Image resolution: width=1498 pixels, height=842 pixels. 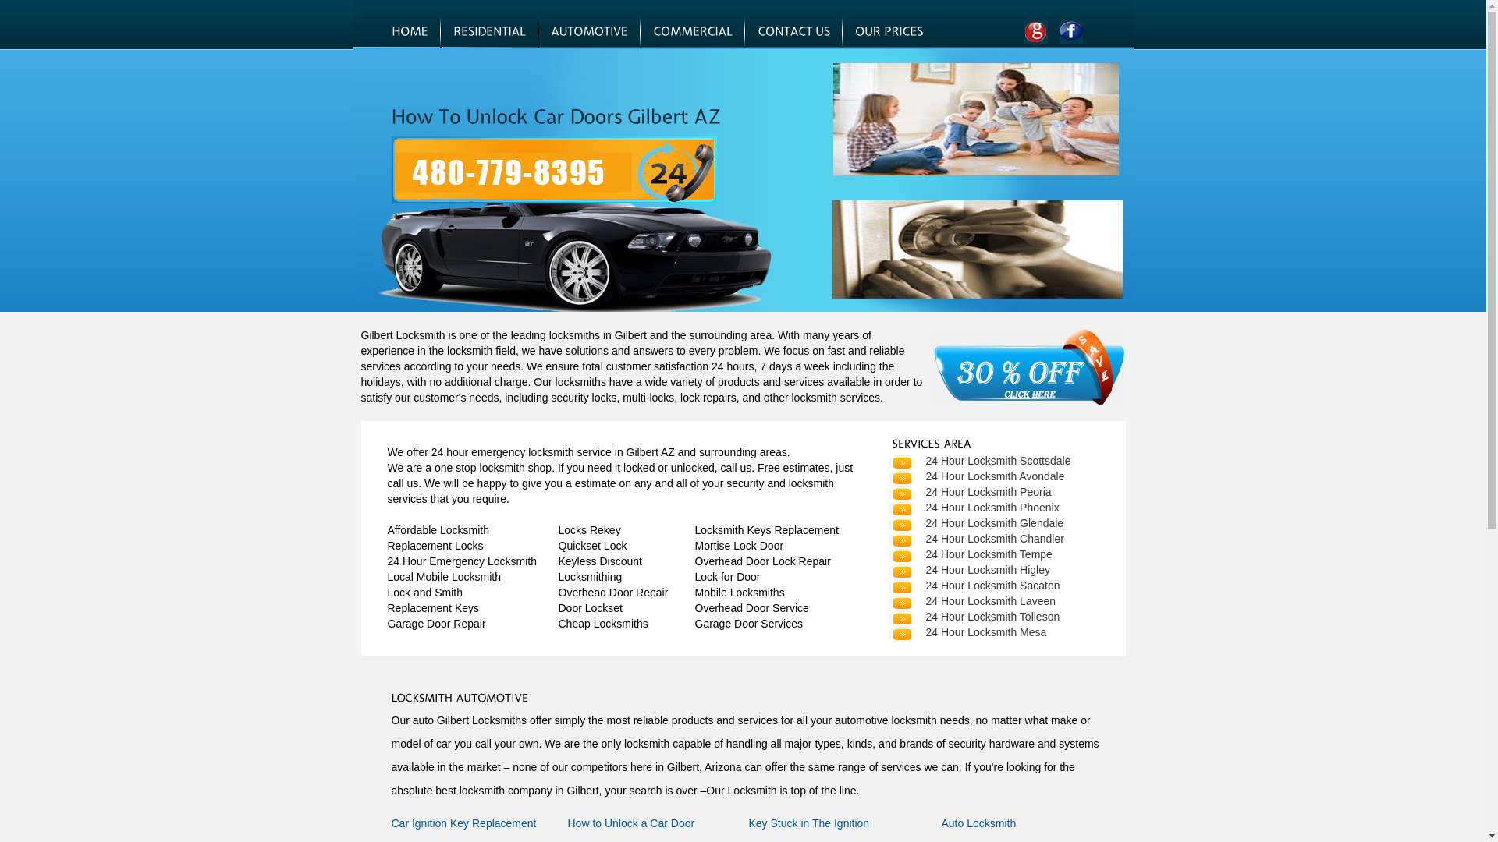 I want to click on '24 Hour Locksmith Tempe', so click(x=969, y=553).